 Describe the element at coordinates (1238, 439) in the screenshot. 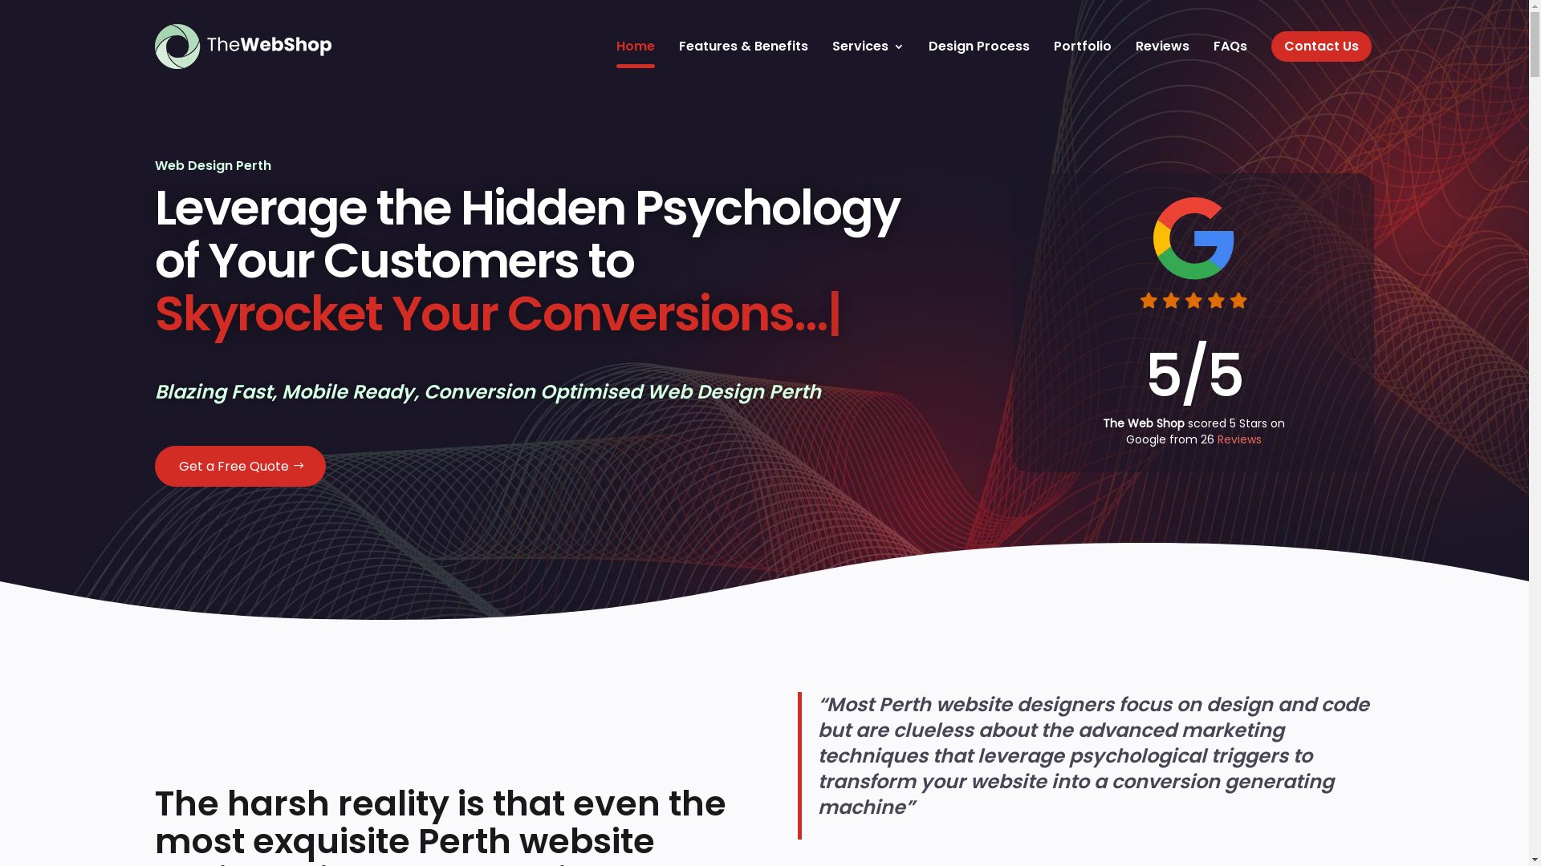

I see `'Reviews'` at that location.